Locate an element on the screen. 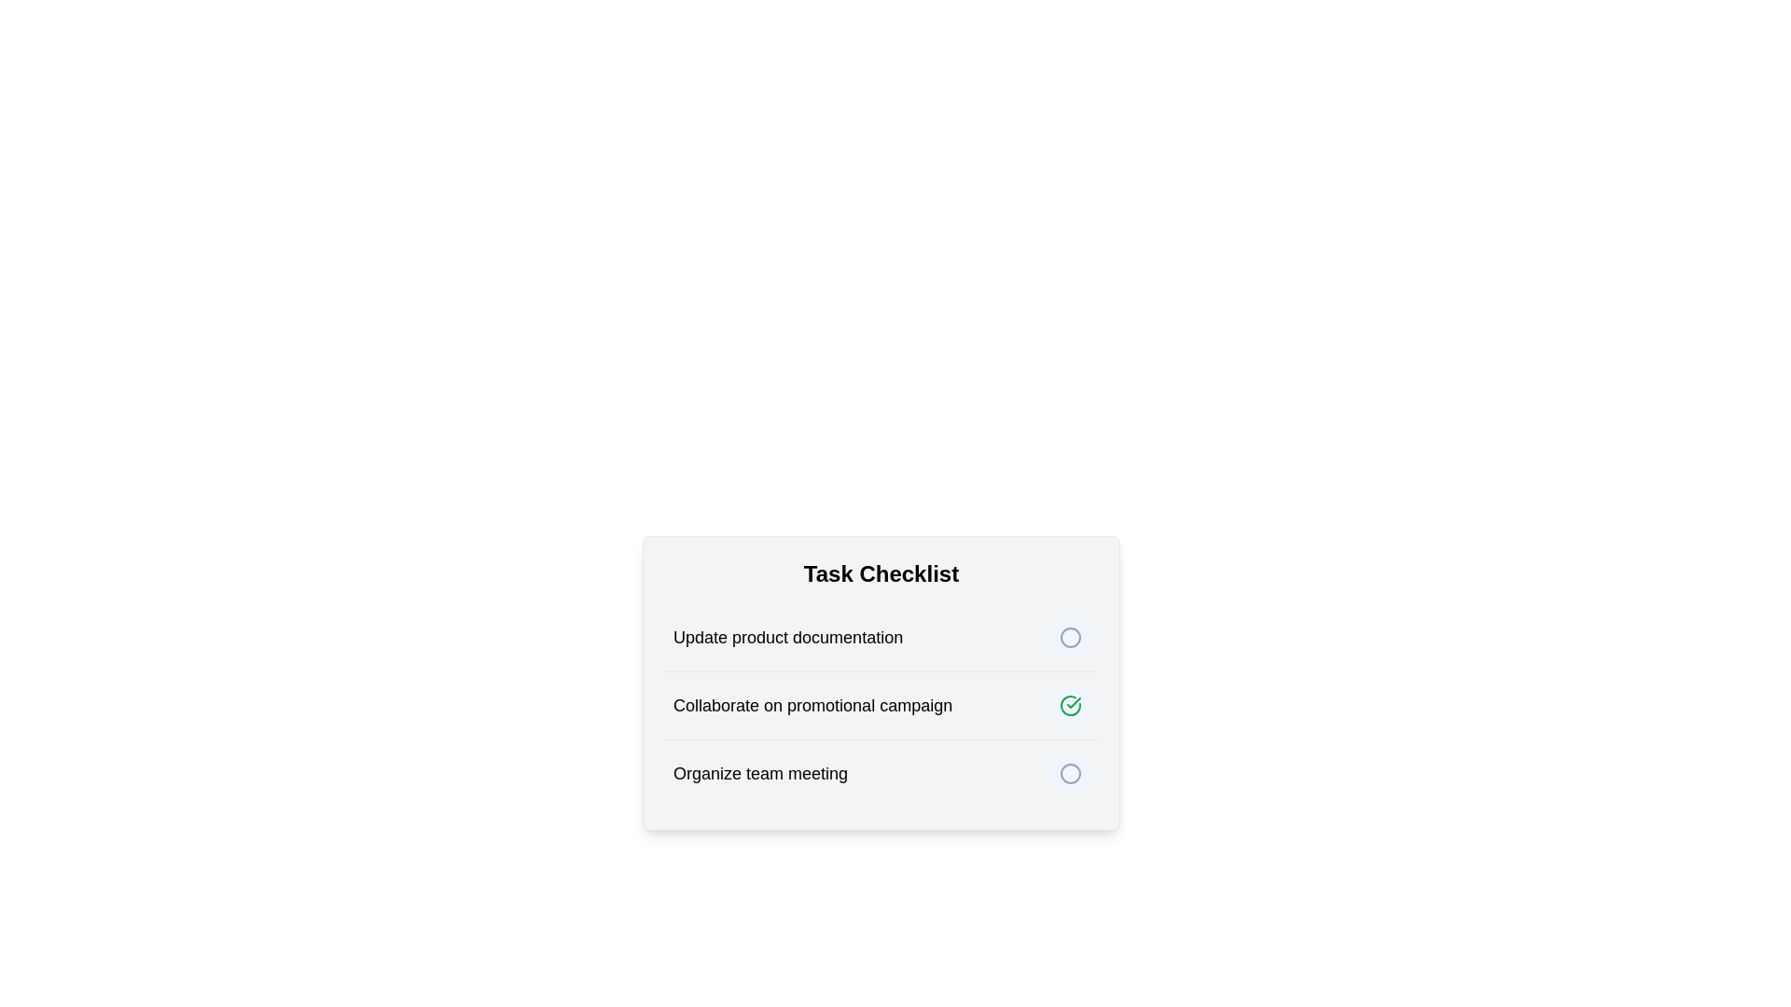  the text label displaying 'Collaborate on promotional campaign', which is the second item in a checklist, indicating its prominence within the UI is located at coordinates (812, 705).